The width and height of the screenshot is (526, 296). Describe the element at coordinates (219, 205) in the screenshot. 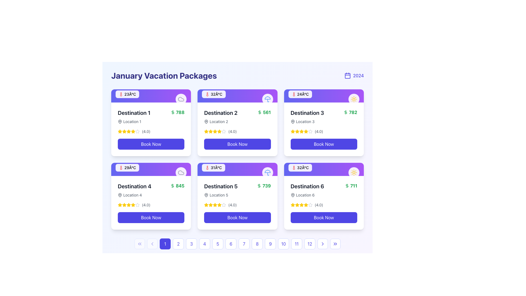

I see `the fourth star icon in the 4-star rating system for the 'Destination 5' vacation package, which is located above the '(4.0)' rating and aligned with the blue 'Book Now' button` at that location.